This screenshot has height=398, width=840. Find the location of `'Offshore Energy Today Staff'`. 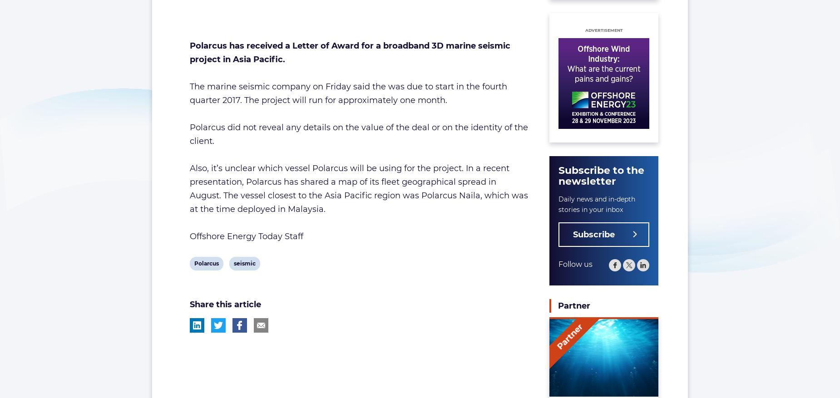

'Offshore Energy Today Staff' is located at coordinates (188, 236).